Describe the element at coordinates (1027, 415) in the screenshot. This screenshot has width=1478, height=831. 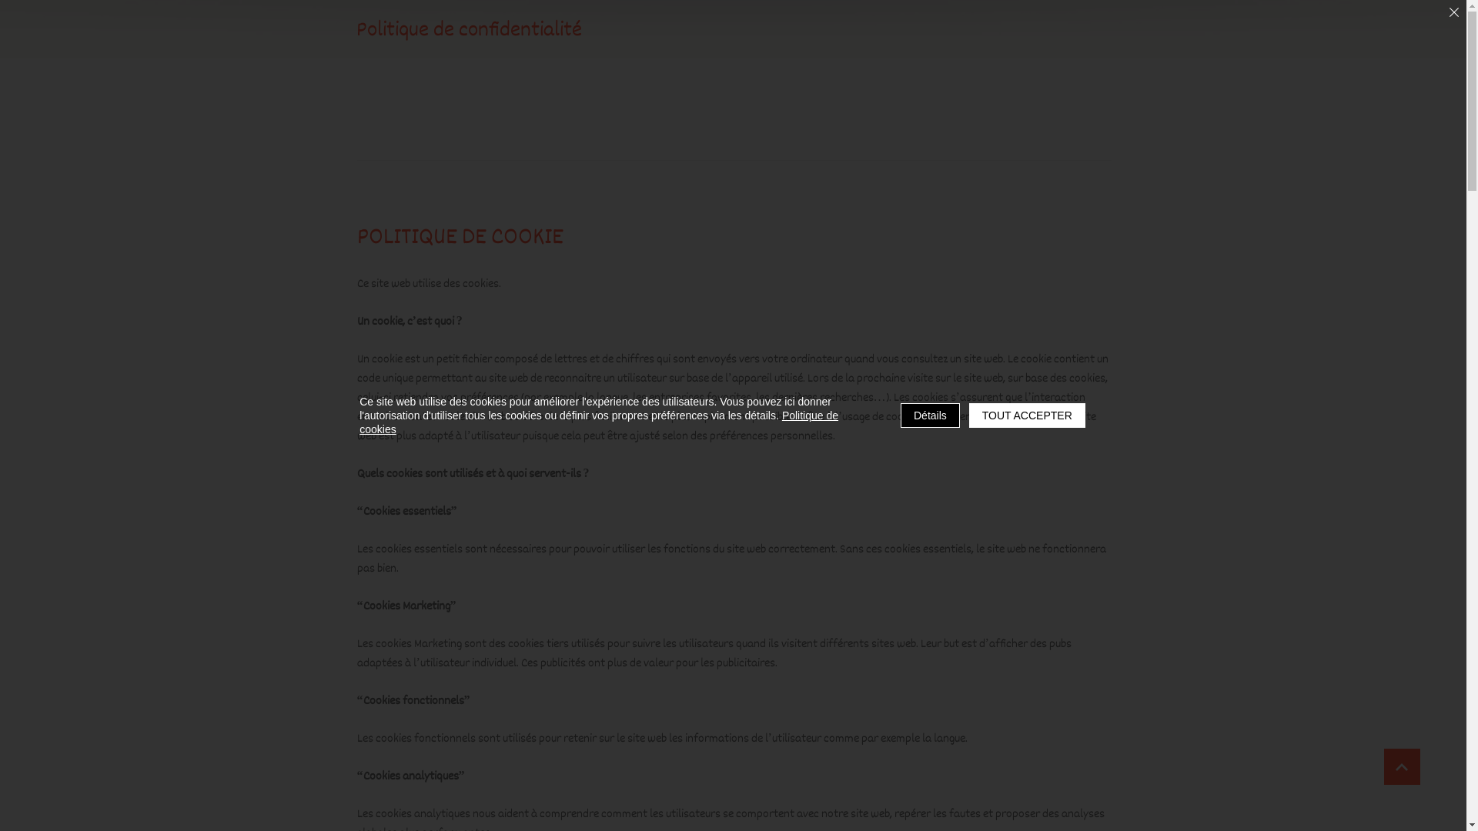
I see `'TOUT ACCEPTER'` at that location.